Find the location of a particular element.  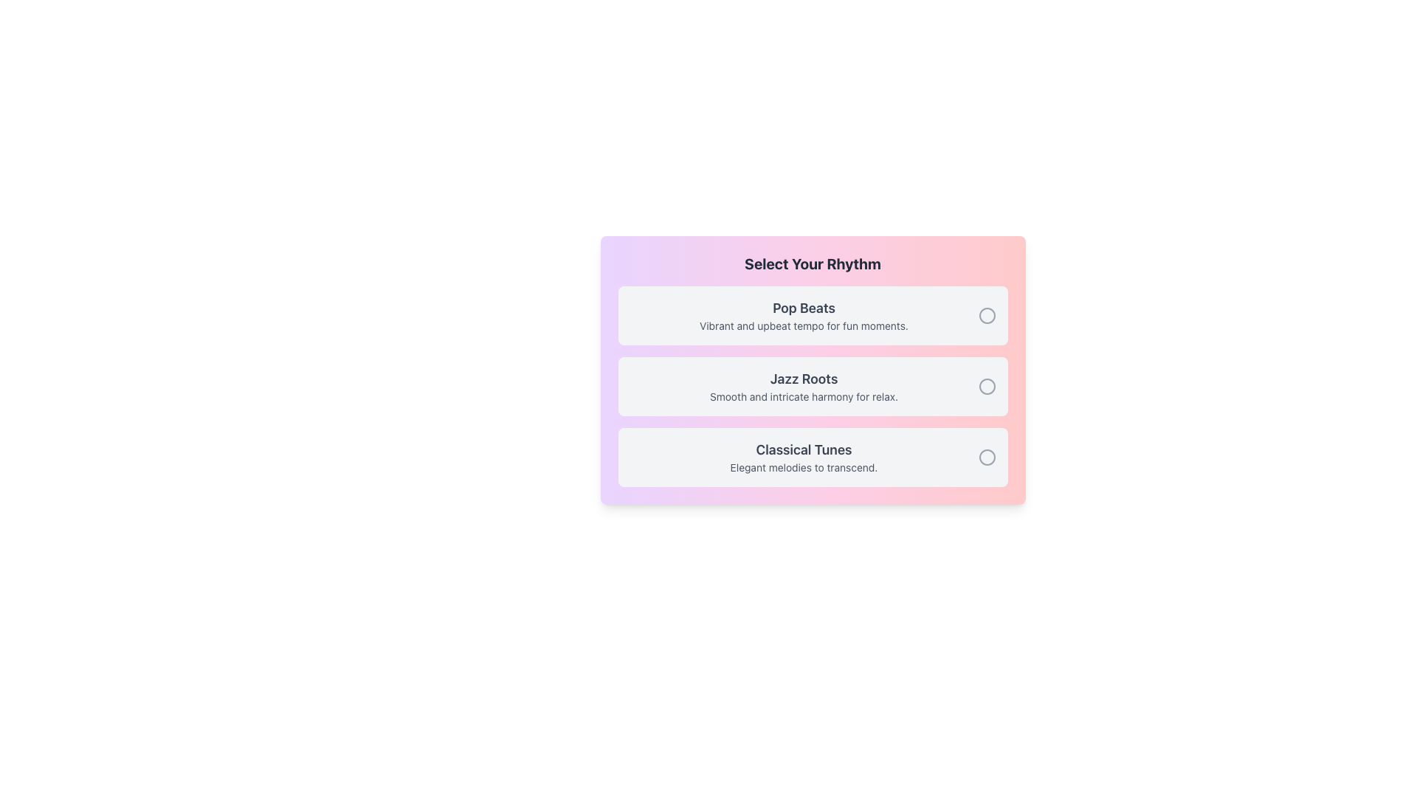

the circular radio button icon on the far right of the 'Pop Beats' section is located at coordinates (987, 315).